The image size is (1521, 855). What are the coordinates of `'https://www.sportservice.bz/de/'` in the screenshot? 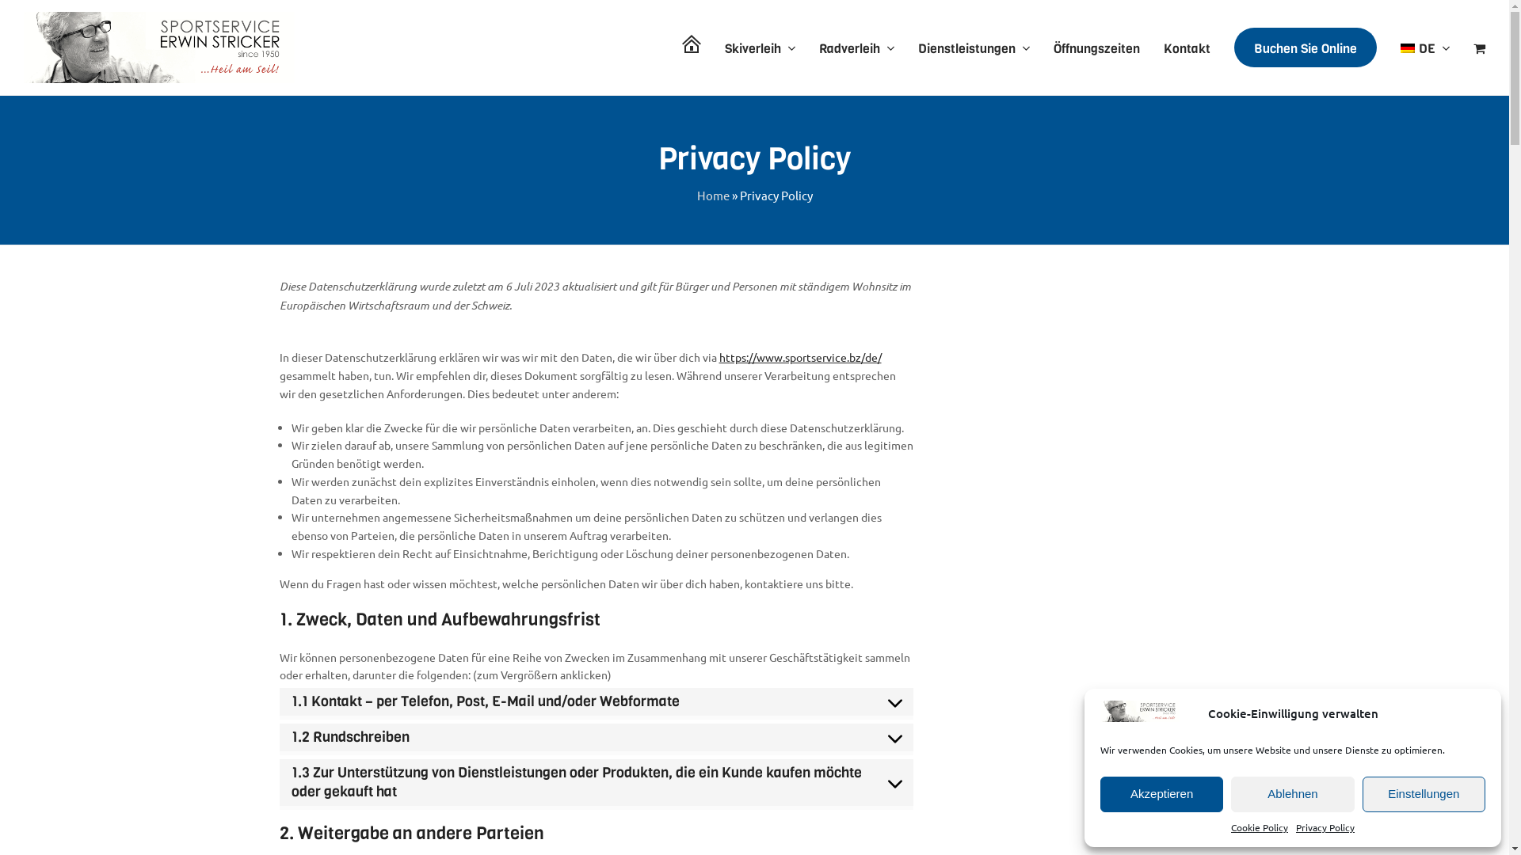 It's located at (800, 357).